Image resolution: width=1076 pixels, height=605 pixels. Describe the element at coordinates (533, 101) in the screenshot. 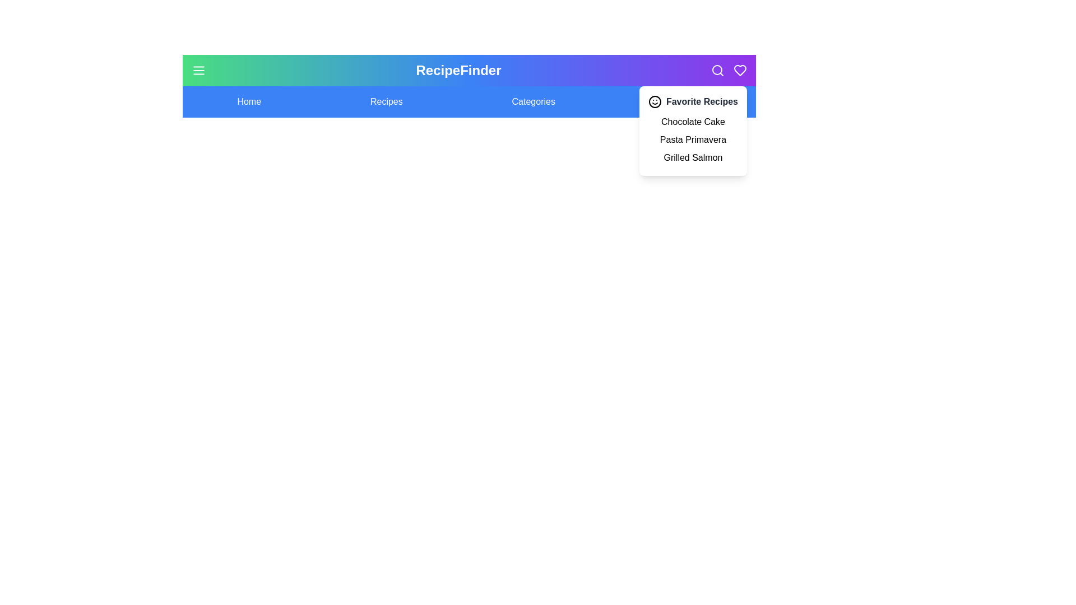

I see `the menu item labeled Categories to navigate to its section` at that location.